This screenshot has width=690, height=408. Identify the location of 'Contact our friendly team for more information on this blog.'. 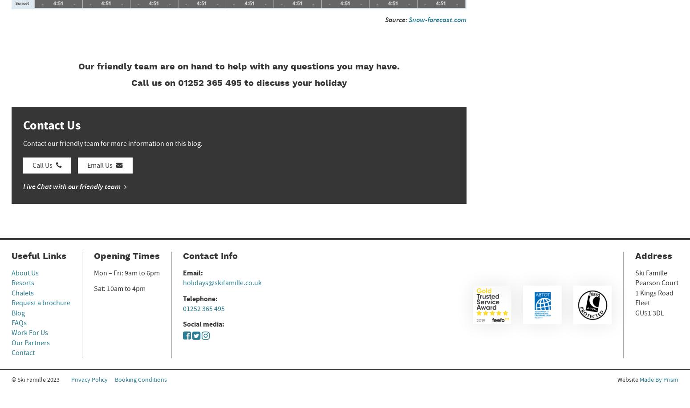
(112, 143).